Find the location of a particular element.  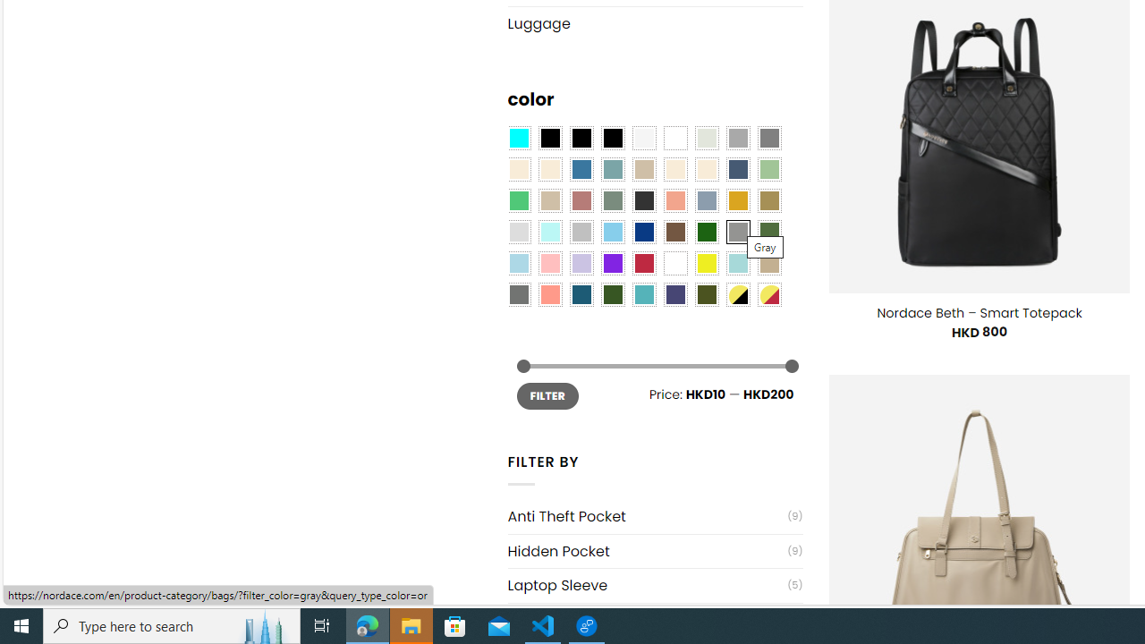

'Light Gray' is located at coordinates (517, 231).